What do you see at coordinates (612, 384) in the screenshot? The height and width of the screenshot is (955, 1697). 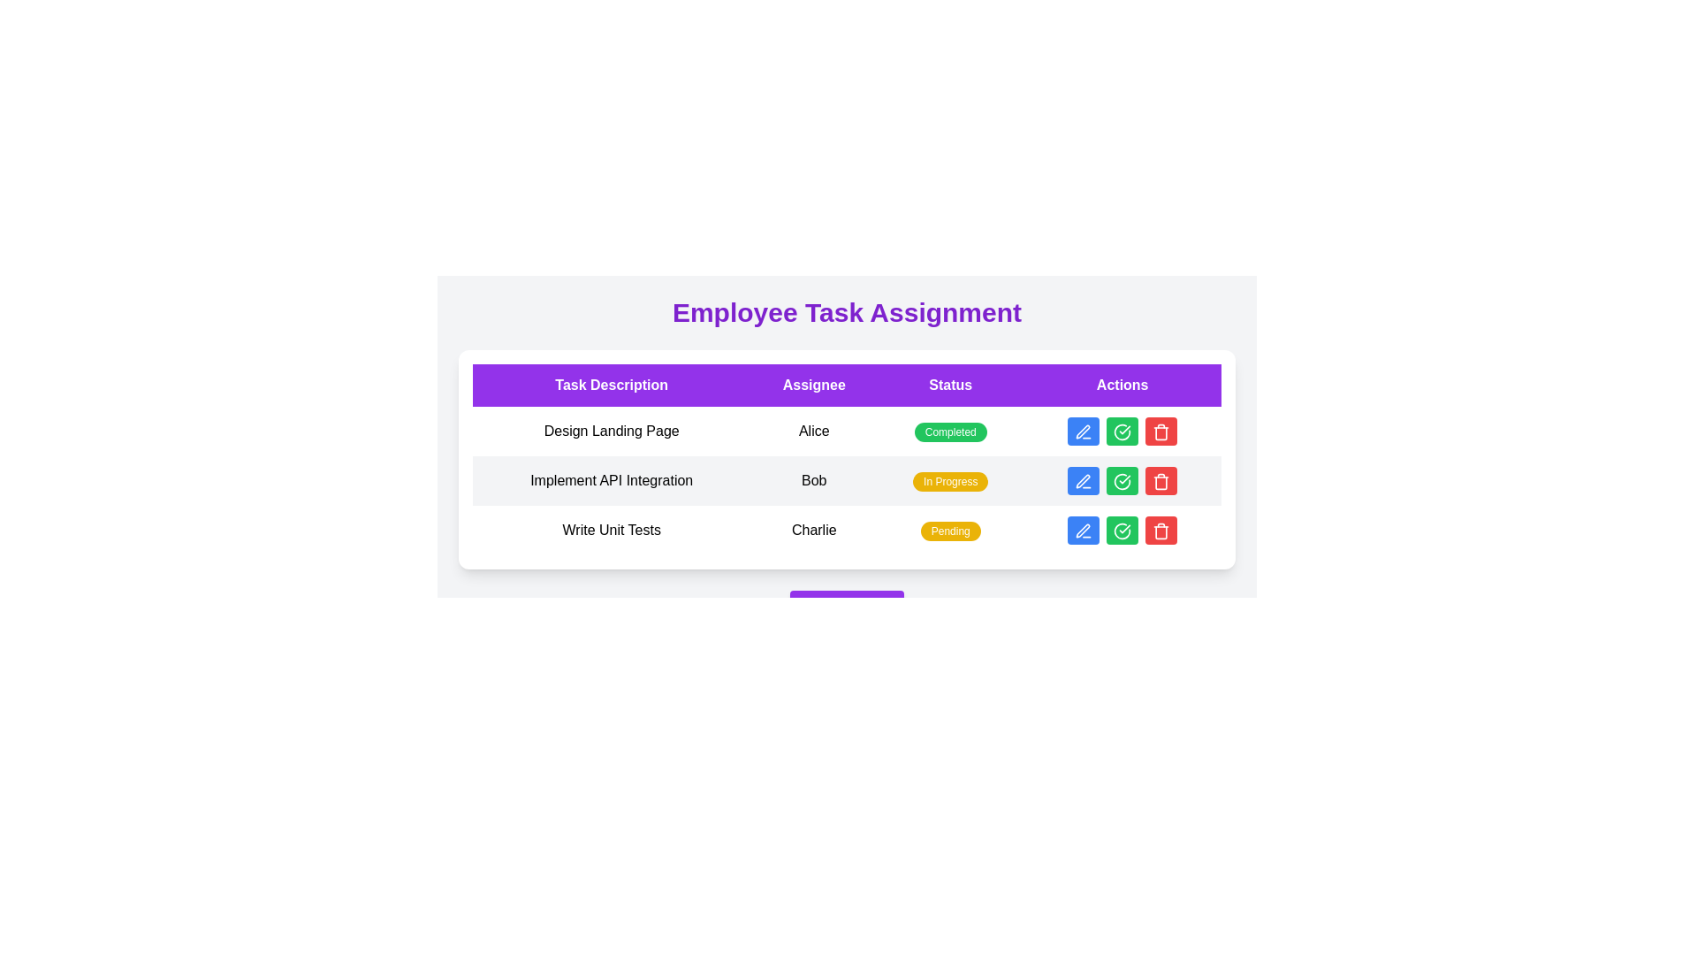 I see `the 'Task Description' label, which is a rectangular header styled with a bold white font on a purple background, located in the first column header of a table` at bounding box center [612, 384].